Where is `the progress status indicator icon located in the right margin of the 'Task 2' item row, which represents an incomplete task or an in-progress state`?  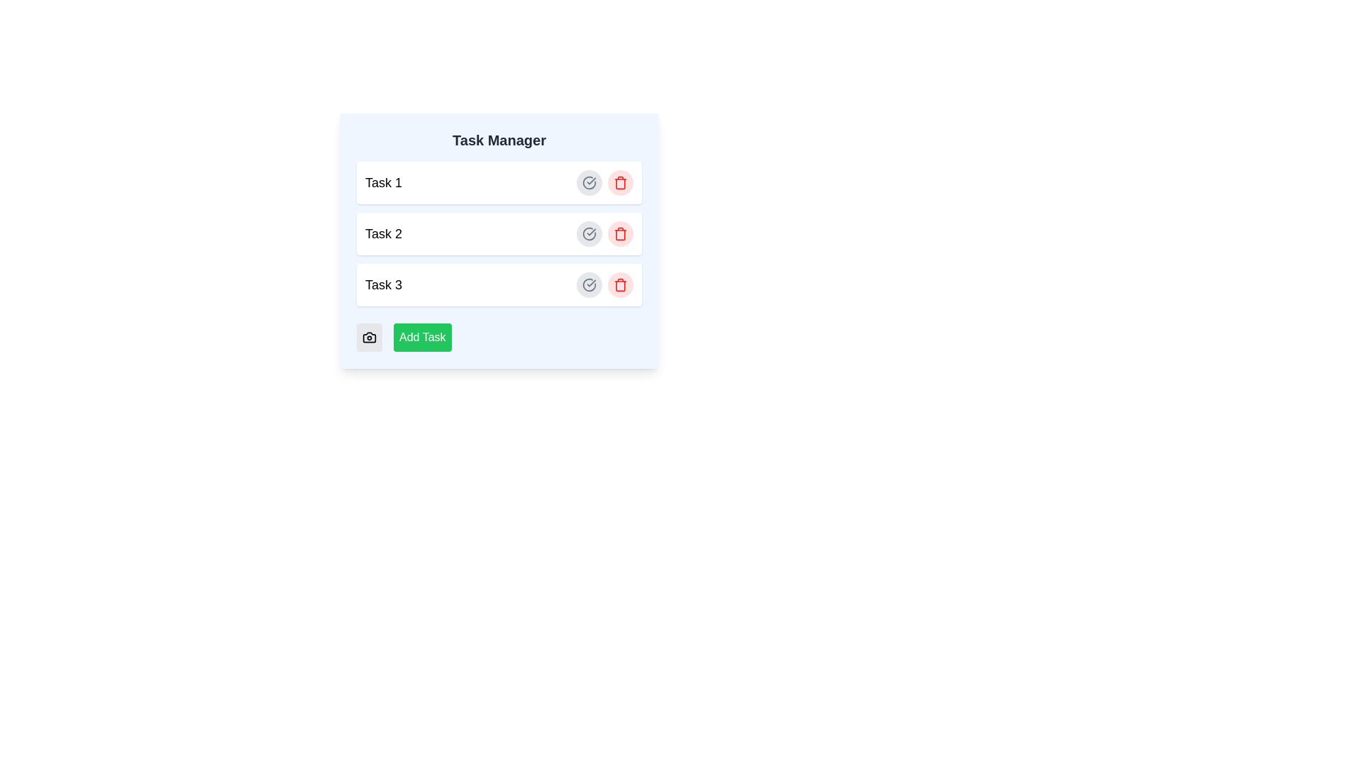 the progress status indicator icon located in the right margin of the 'Task 2' item row, which represents an incomplete task or an in-progress state is located at coordinates (589, 182).